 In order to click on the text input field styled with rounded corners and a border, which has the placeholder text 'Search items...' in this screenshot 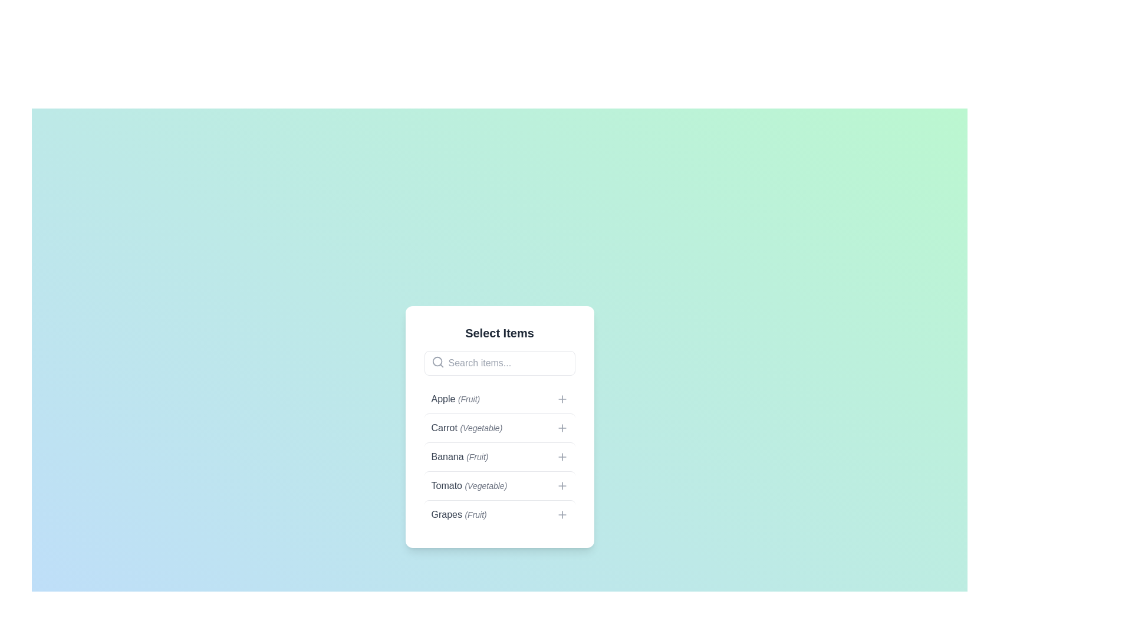, I will do `click(499, 363)`.